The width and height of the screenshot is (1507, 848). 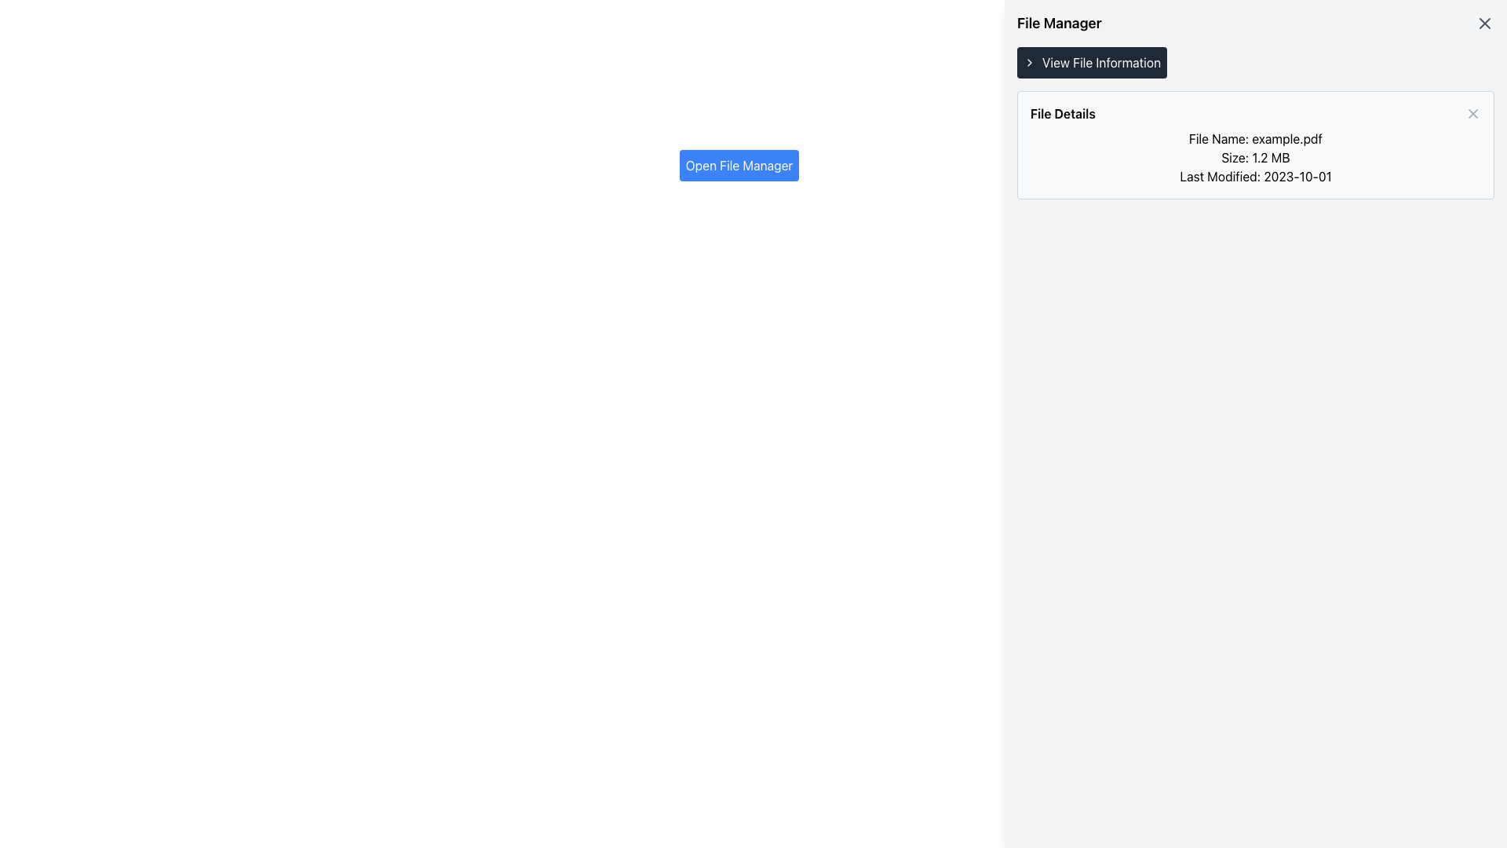 I want to click on the Static text label that serves as a title or header for its section, located at the top of the right-side panel, so click(x=1059, y=24).